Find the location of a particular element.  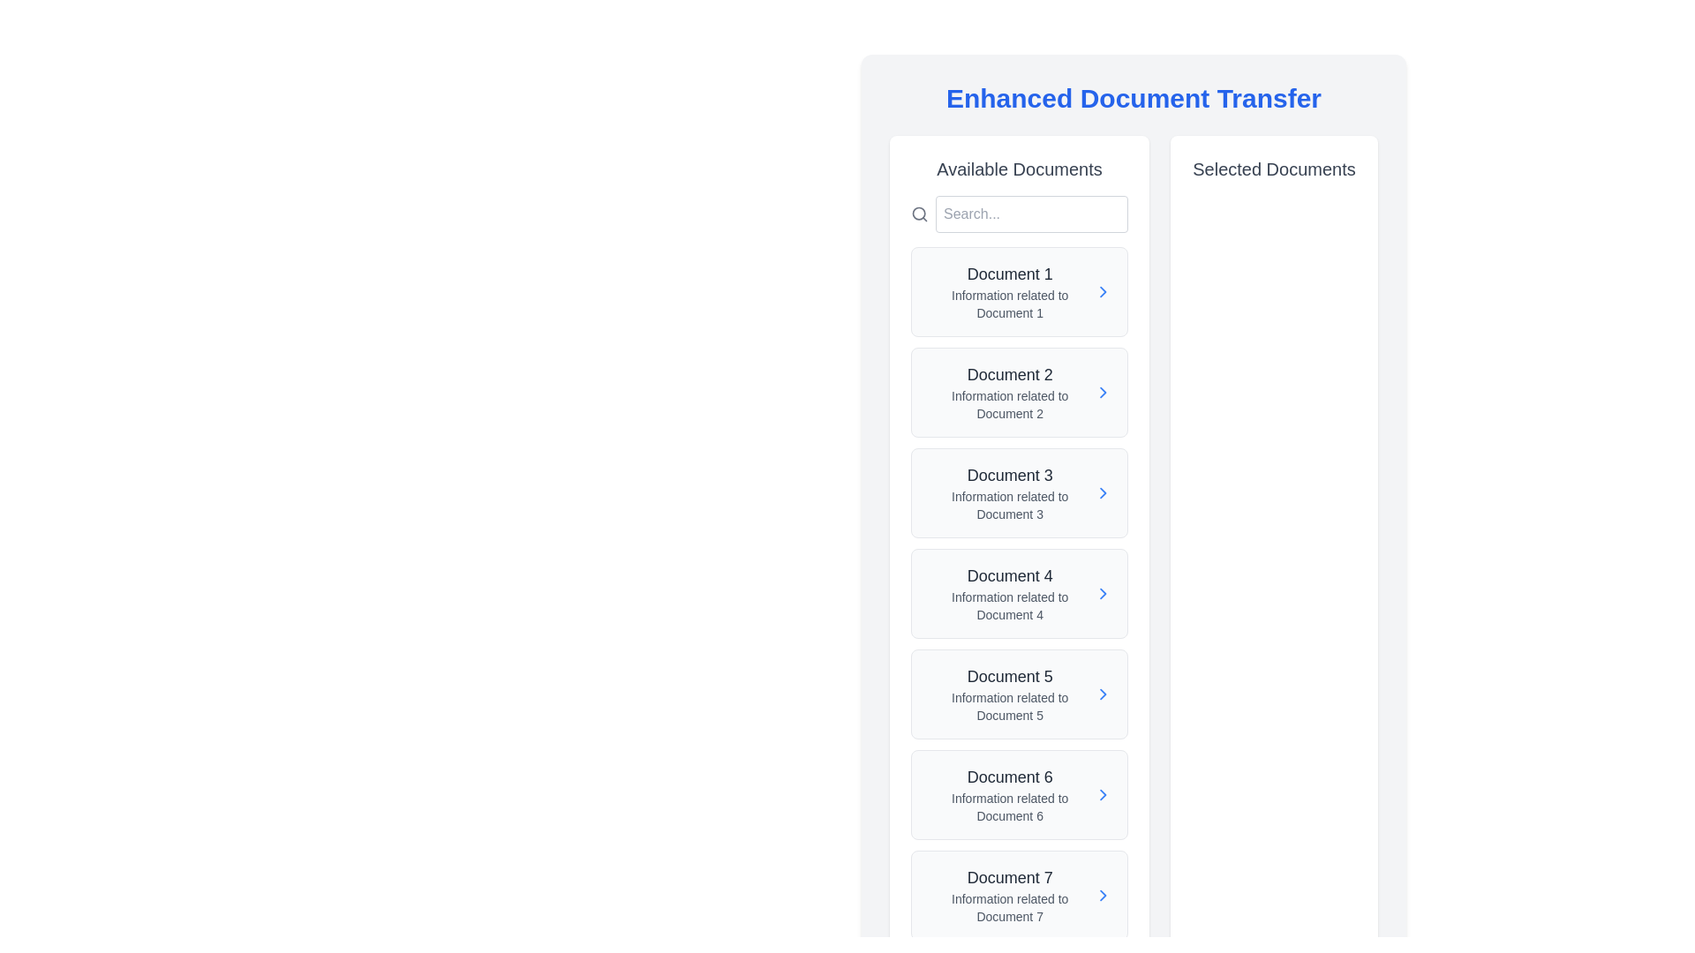

the text-based list item element representing 'Document 5' is located at coordinates (1010, 693).